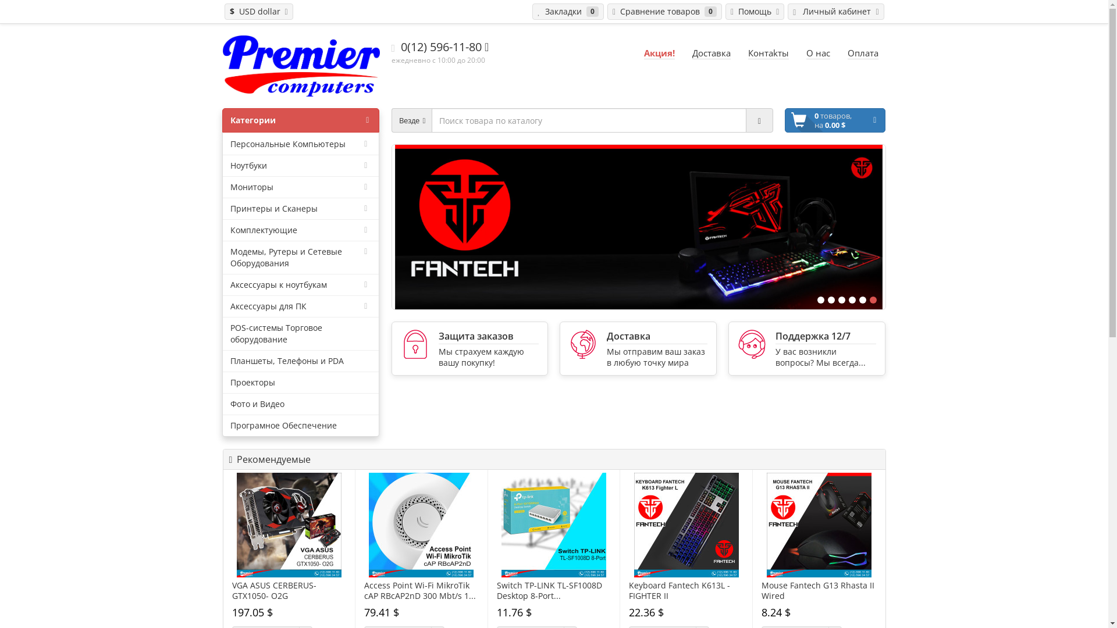  Describe the element at coordinates (301, 66) in the screenshot. I see `'Premier Computers'` at that location.